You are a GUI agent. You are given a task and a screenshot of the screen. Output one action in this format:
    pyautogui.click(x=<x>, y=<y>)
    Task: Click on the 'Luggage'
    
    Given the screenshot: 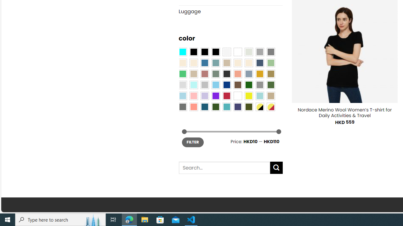 What is the action you would take?
    pyautogui.click(x=230, y=11)
    